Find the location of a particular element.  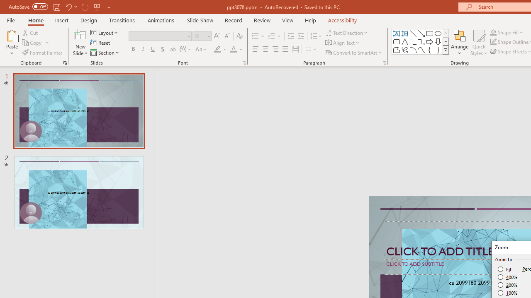

'Text Direction' is located at coordinates (347, 32).